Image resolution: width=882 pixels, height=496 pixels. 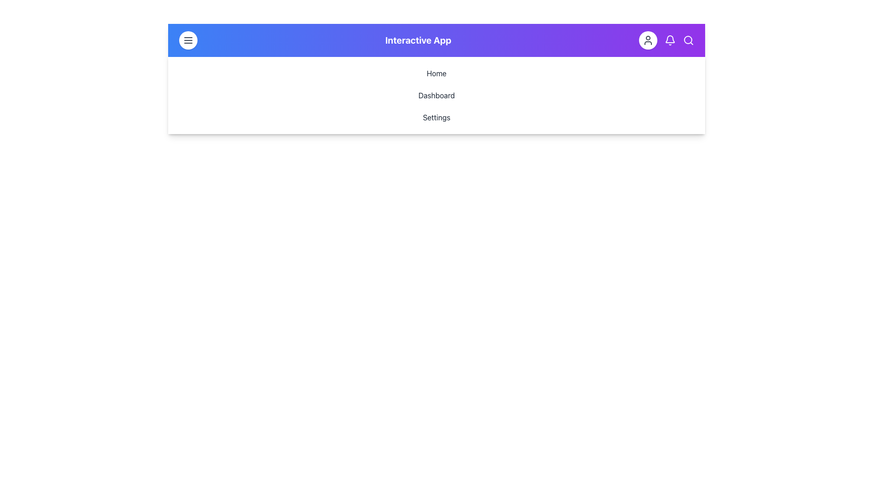 What do you see at coordinates (670, 40) in the screenshot?
I see `the notification bell icon located in the top-right corner of the navigation bar to check notifications` at bounding box center [670, 40].